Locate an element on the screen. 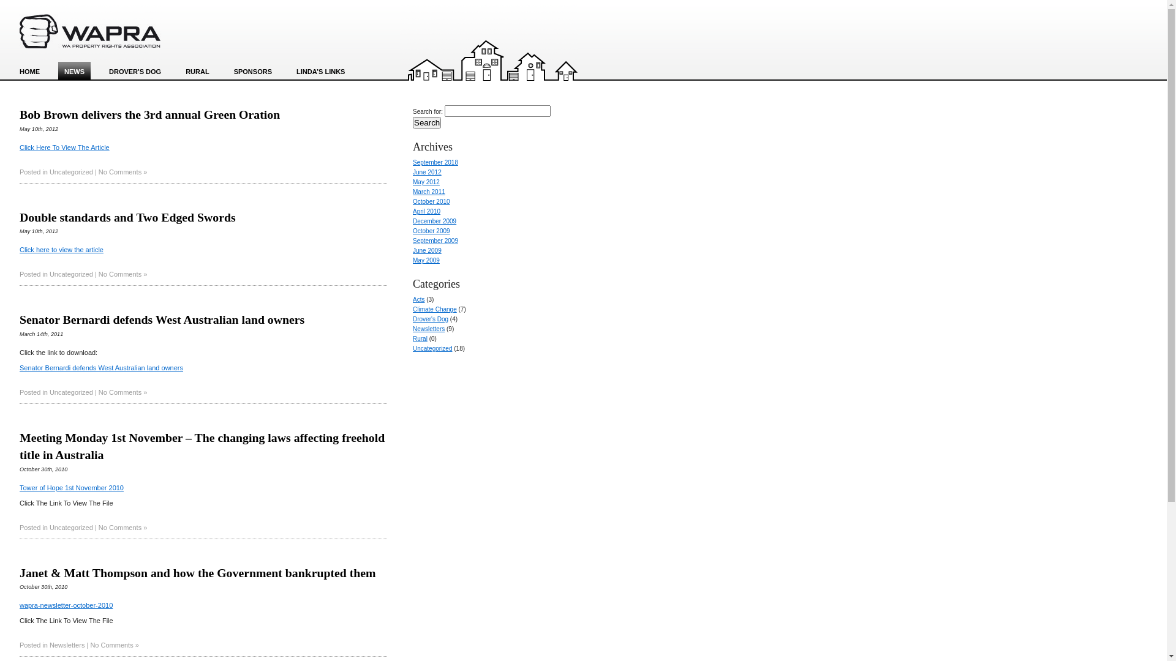 This screenshot has height=661, width=1176. 'April 2010' is located at coordinates (426, 211).